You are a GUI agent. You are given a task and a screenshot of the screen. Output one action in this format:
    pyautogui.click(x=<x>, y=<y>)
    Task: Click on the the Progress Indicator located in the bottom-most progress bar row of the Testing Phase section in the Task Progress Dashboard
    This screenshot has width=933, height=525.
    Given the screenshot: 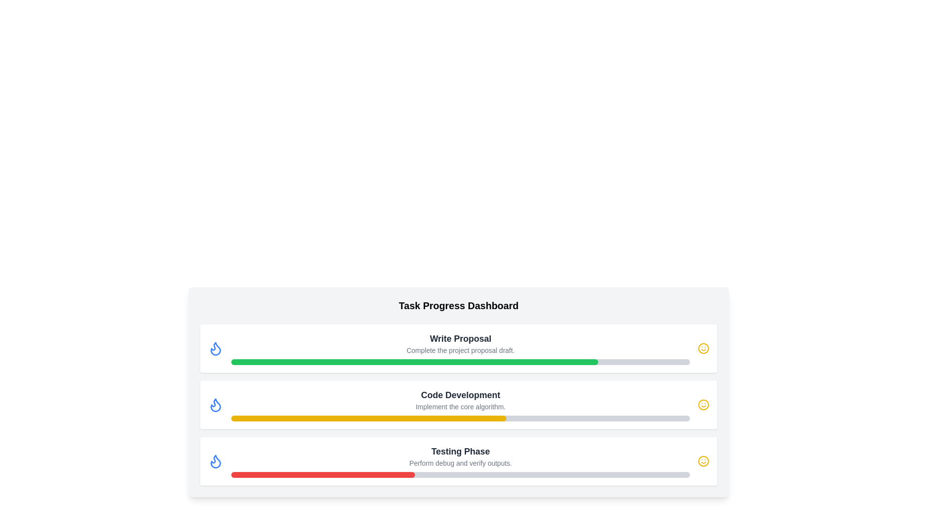 What is the action you would take?
    pyautogui.click(x=323, y=474)
    